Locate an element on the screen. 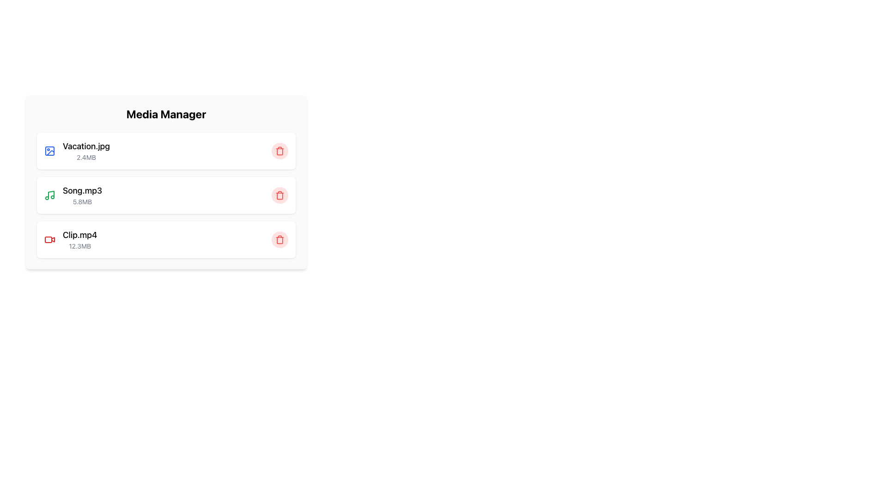 Image resolution: width=887 pixels, height=499 pixels. the label representing the name of the media file in the second entry of the file listing interface, which is positioned above the file size text '5.8MB' and adjacent to a green music icon is located at coordinates (82, 190).